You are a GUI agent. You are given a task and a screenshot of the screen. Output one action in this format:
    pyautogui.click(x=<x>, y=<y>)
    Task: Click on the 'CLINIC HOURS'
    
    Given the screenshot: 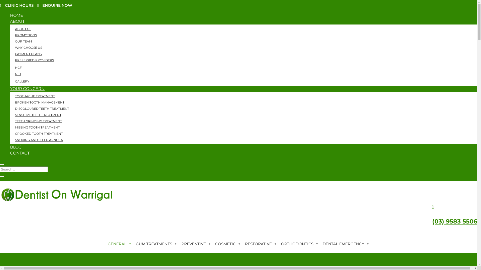 What is the action you would take?
    pyautogui.click(x=17, y=5)
    